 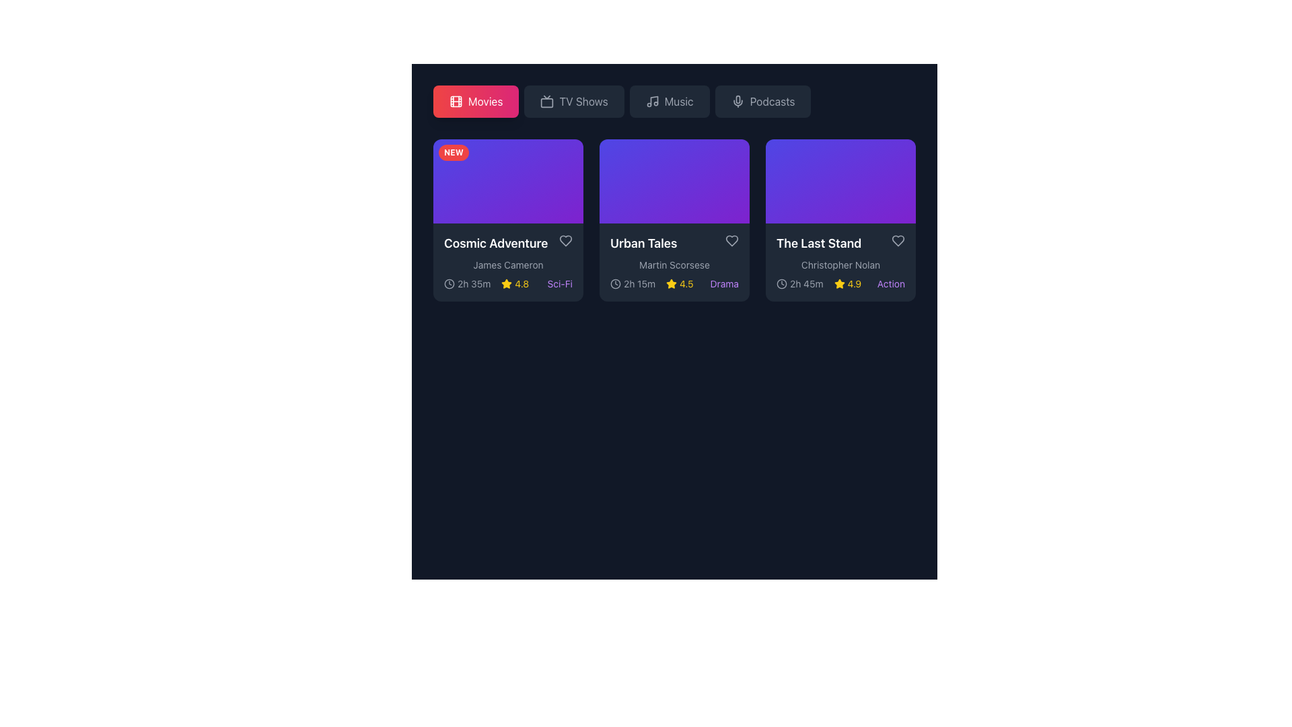 I want to click on the text element displaying the name of the movie director for 'Cosmic Adventure', which is positioned below the movie title and above runtime and genre details, so click(x=507, y=265).